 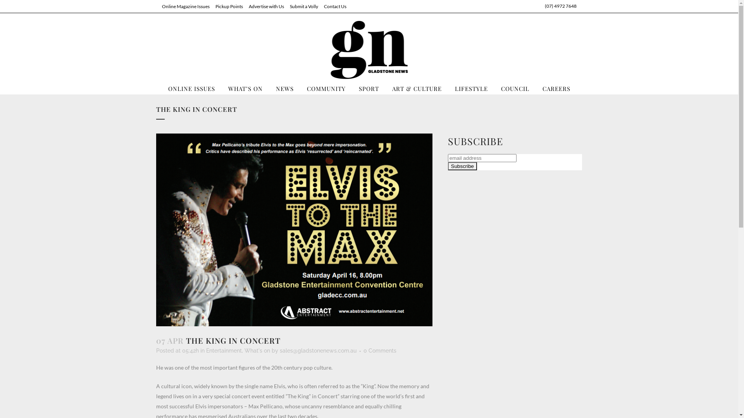 I want to click on 'Entertainment', so click(x=206, y=351).